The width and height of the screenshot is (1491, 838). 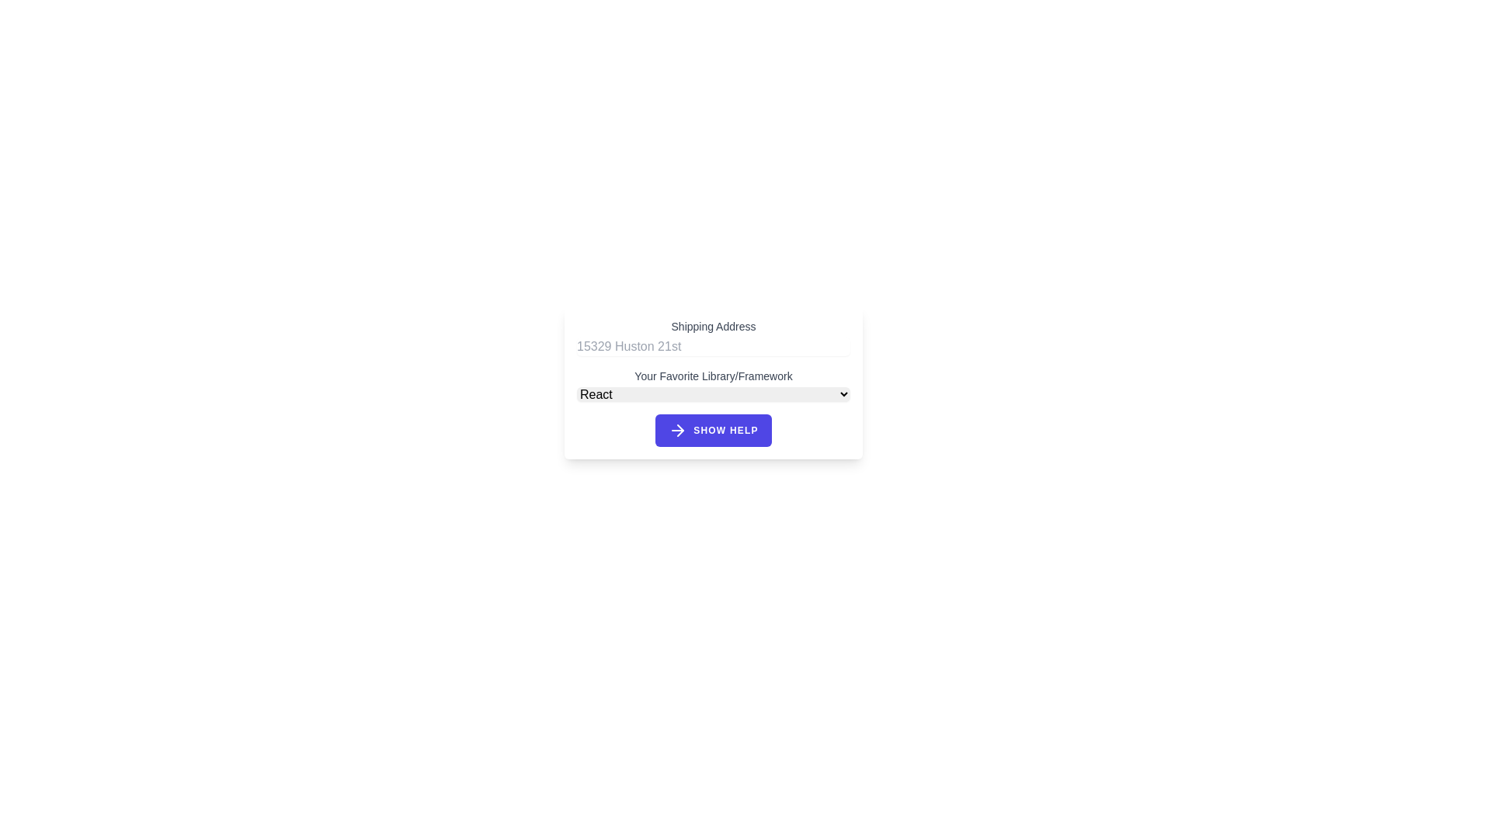 What do you see at coordinates (712, 376) in the screenshot?
I see `the Text label that provides a descriptor for the dropdown menu below it, which displays 'React'` at bounding box center [712, 376].